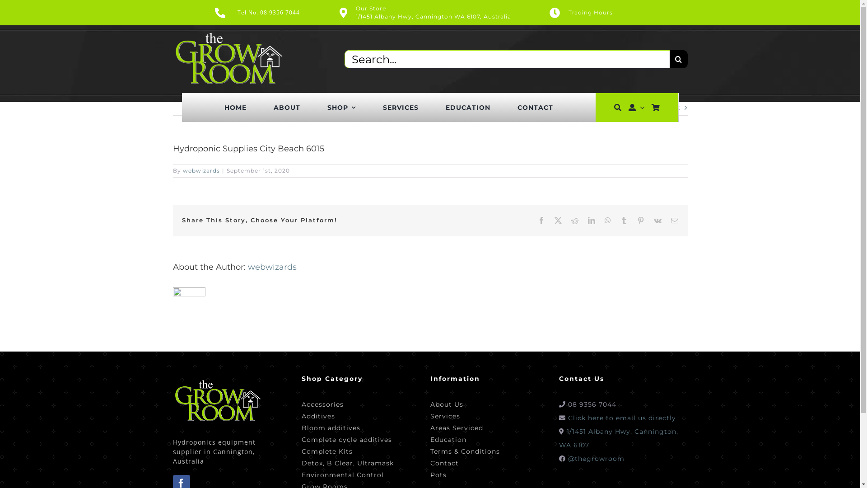 The image size is (867, 488). Describe the element at coordinates (271, 266) in the screenshot. I see `'webwizards'` at that location.